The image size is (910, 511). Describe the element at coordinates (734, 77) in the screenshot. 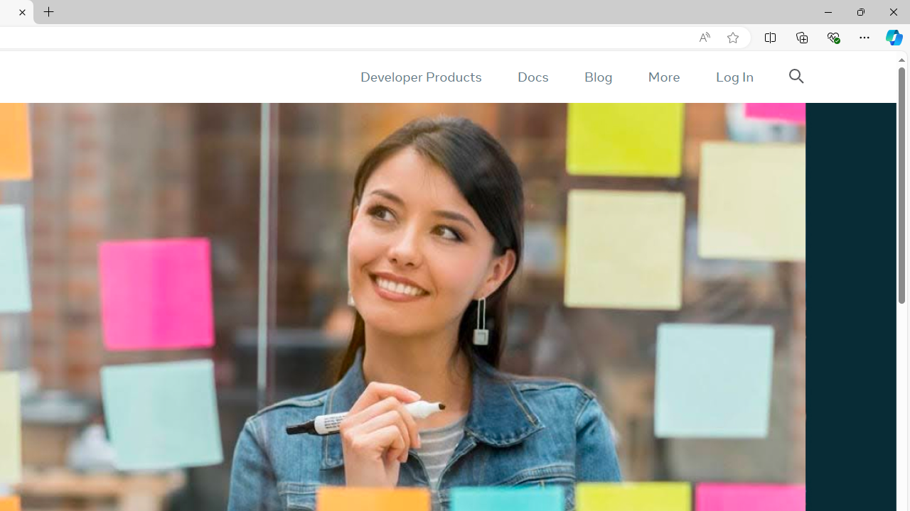

I see `'Log In'` at that location.